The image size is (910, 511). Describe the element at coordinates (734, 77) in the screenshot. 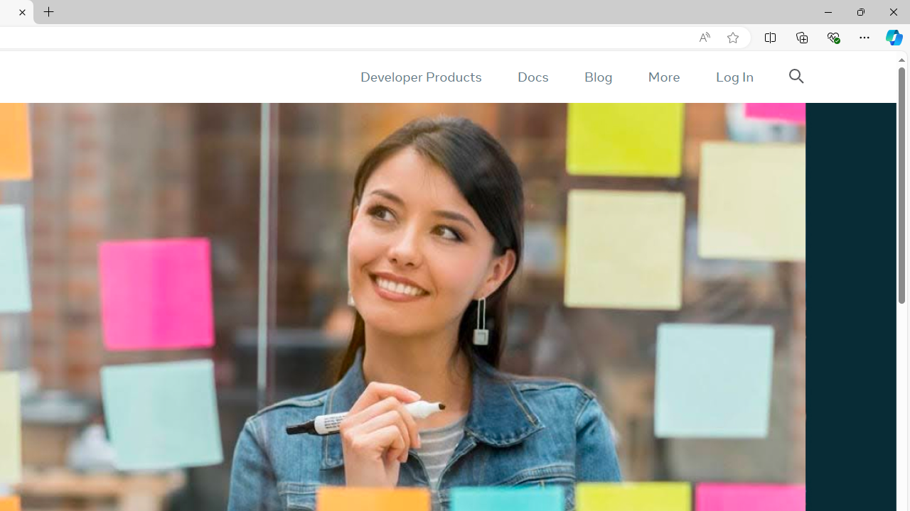

I see `'Log In'` at that location.